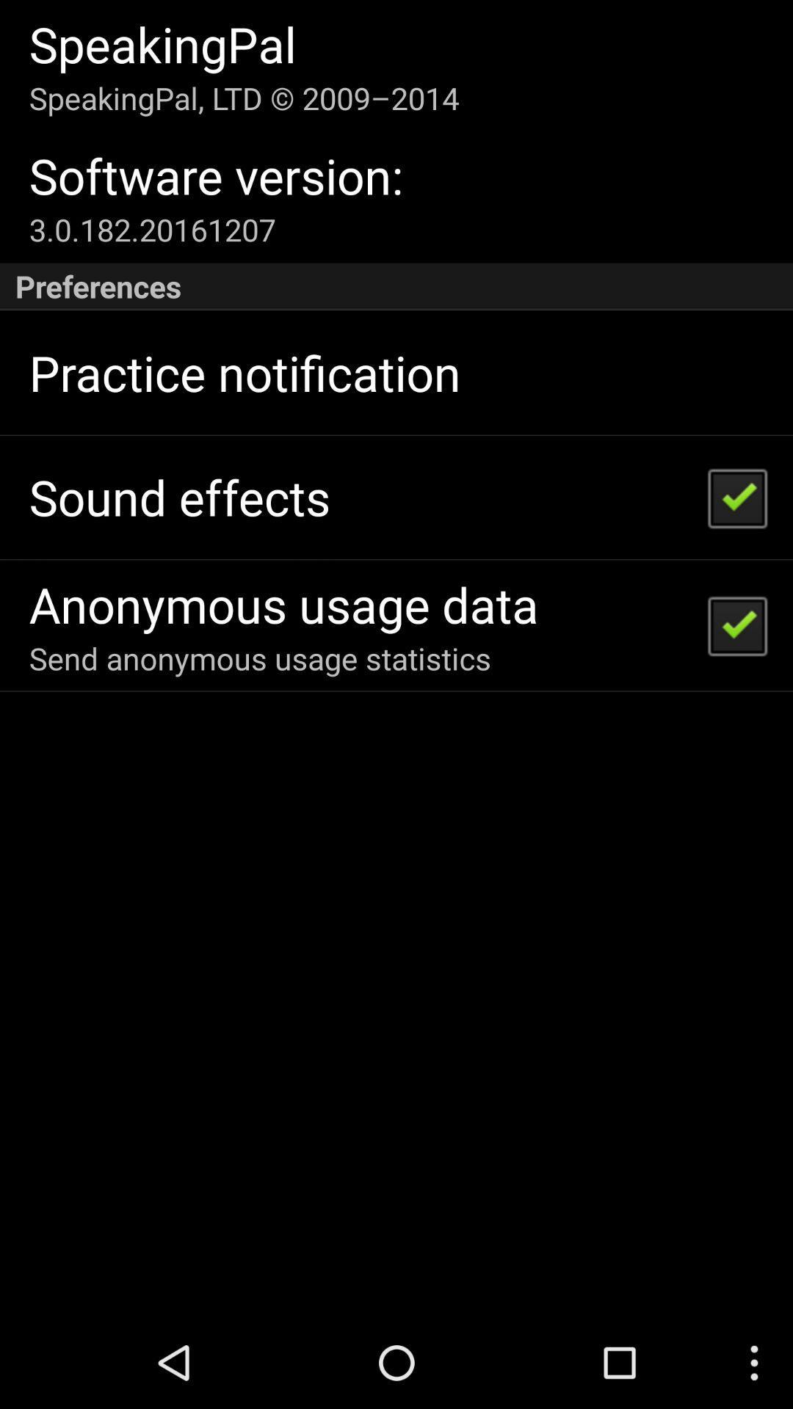  Describe the element at coordinates (178, 497) in the screenshot. I see `icon above anonymous usage data icon` at that location.